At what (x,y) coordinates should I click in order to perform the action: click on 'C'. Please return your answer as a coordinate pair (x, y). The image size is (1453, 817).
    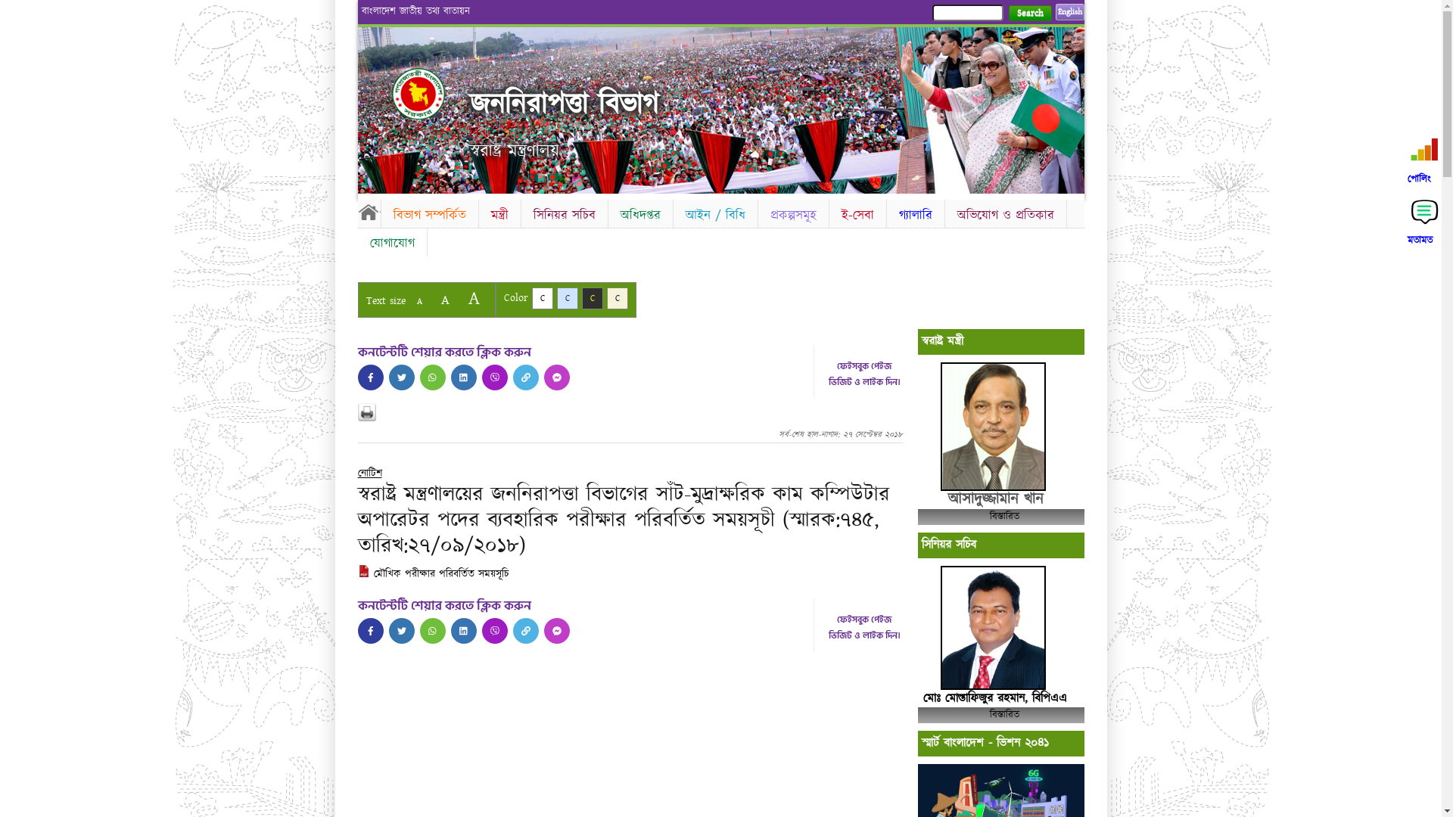
    Looking at the image, I should click on (541, 298).